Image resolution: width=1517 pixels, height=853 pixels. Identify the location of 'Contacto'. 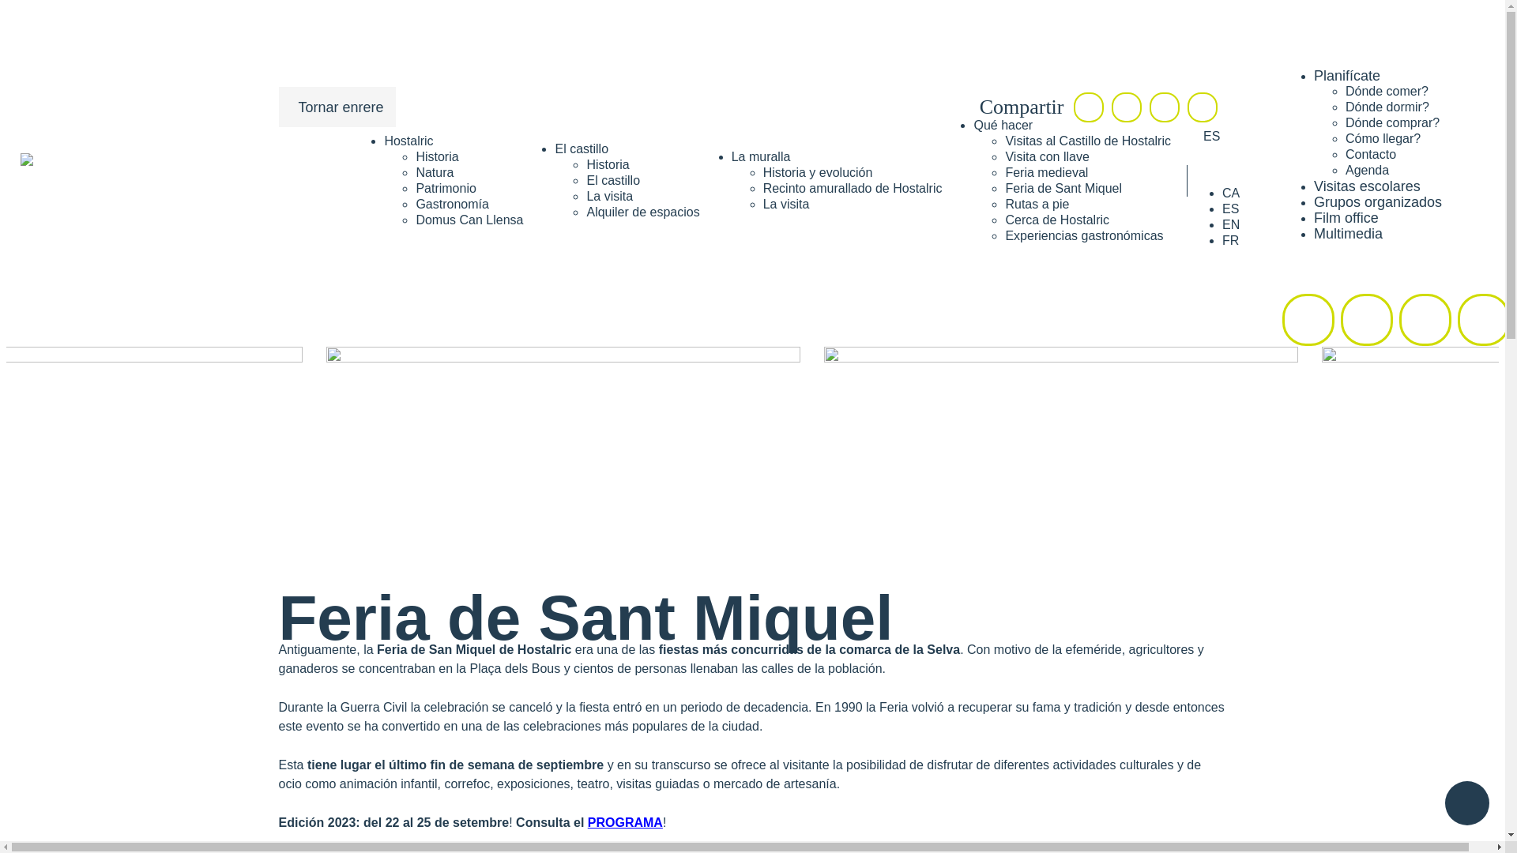
(1369, 154).